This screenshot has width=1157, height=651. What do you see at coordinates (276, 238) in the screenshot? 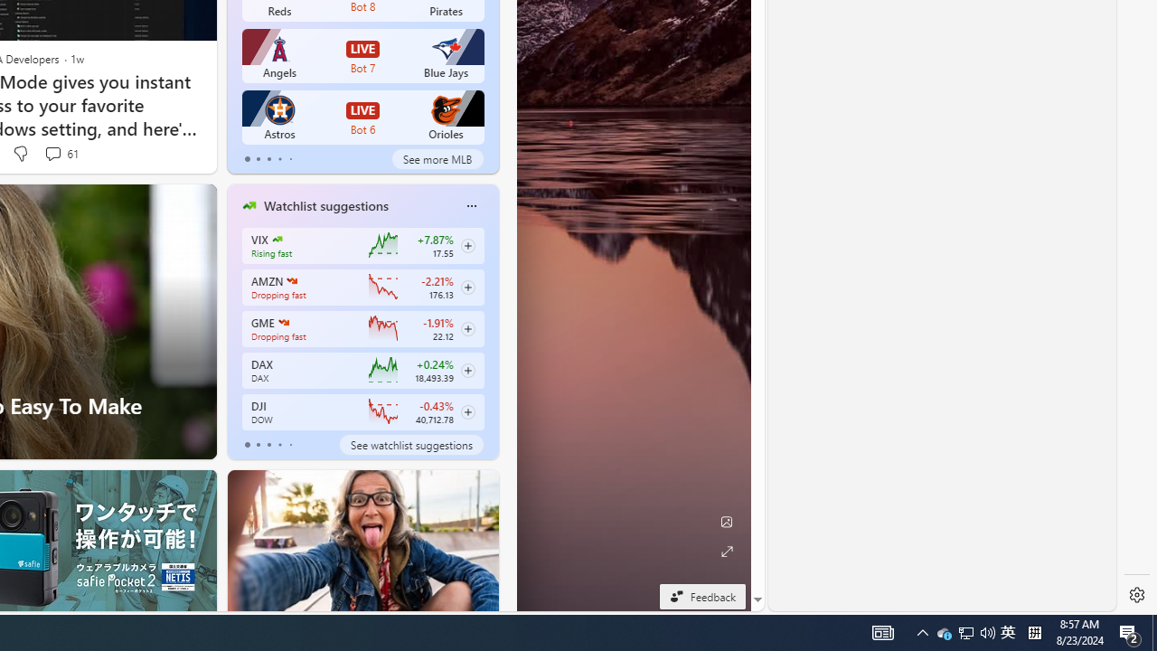
I see `'CBOE Market Volatility Index'` at bounding box center [276, 238].